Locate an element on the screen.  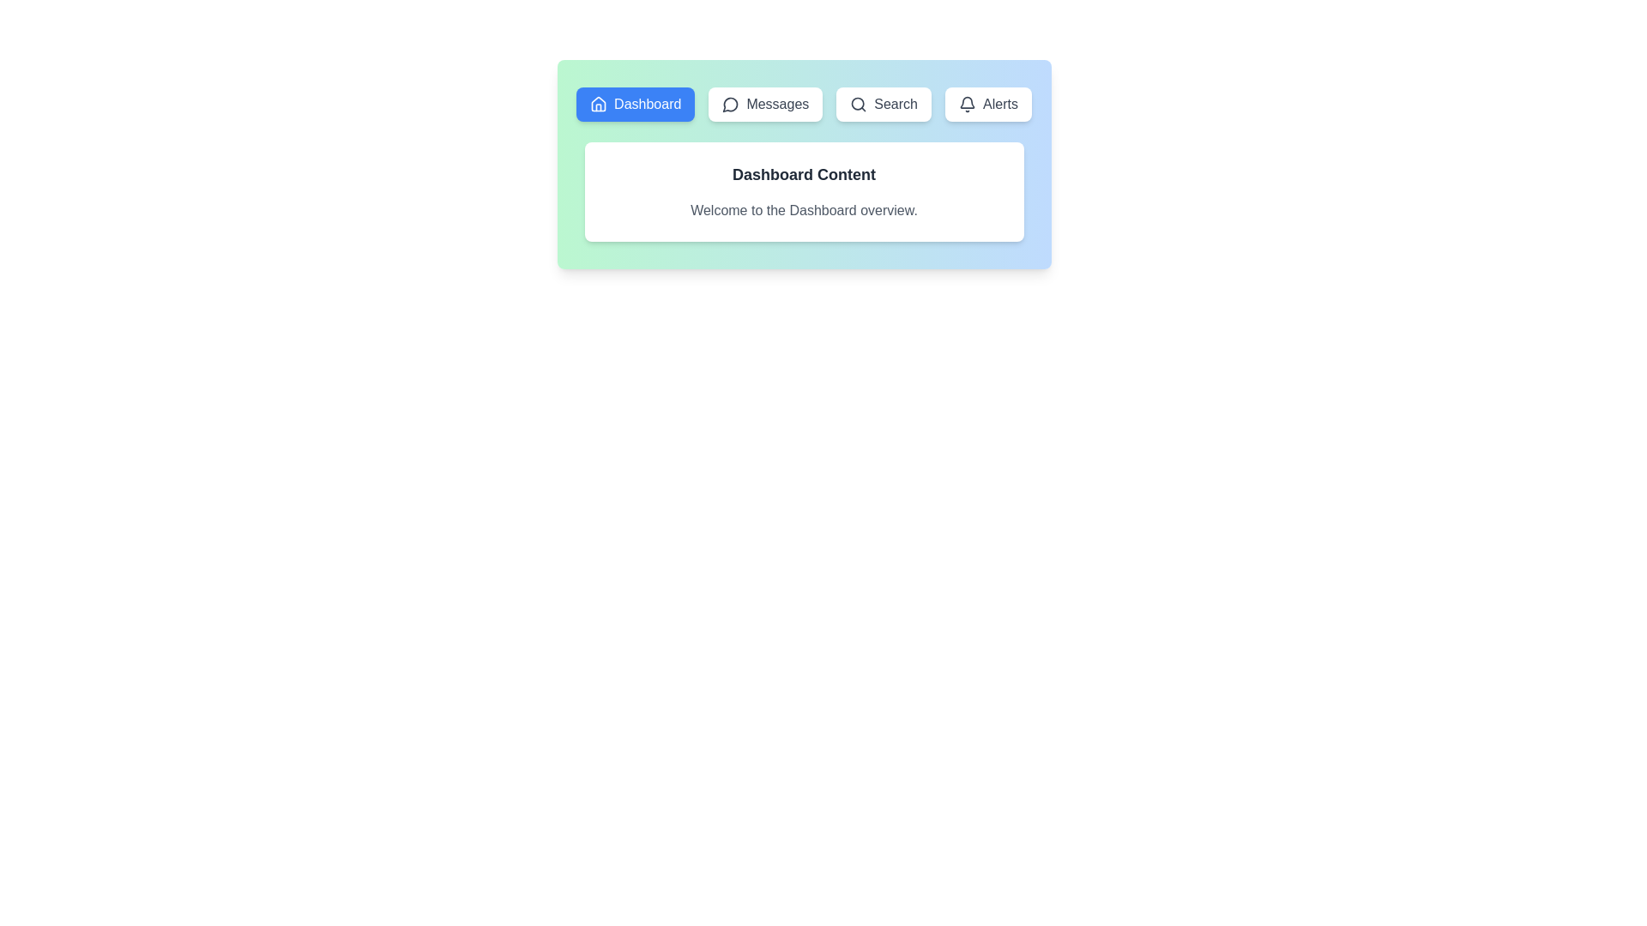
the tab labeled Search to view its content is located at coordinates (884, 105).